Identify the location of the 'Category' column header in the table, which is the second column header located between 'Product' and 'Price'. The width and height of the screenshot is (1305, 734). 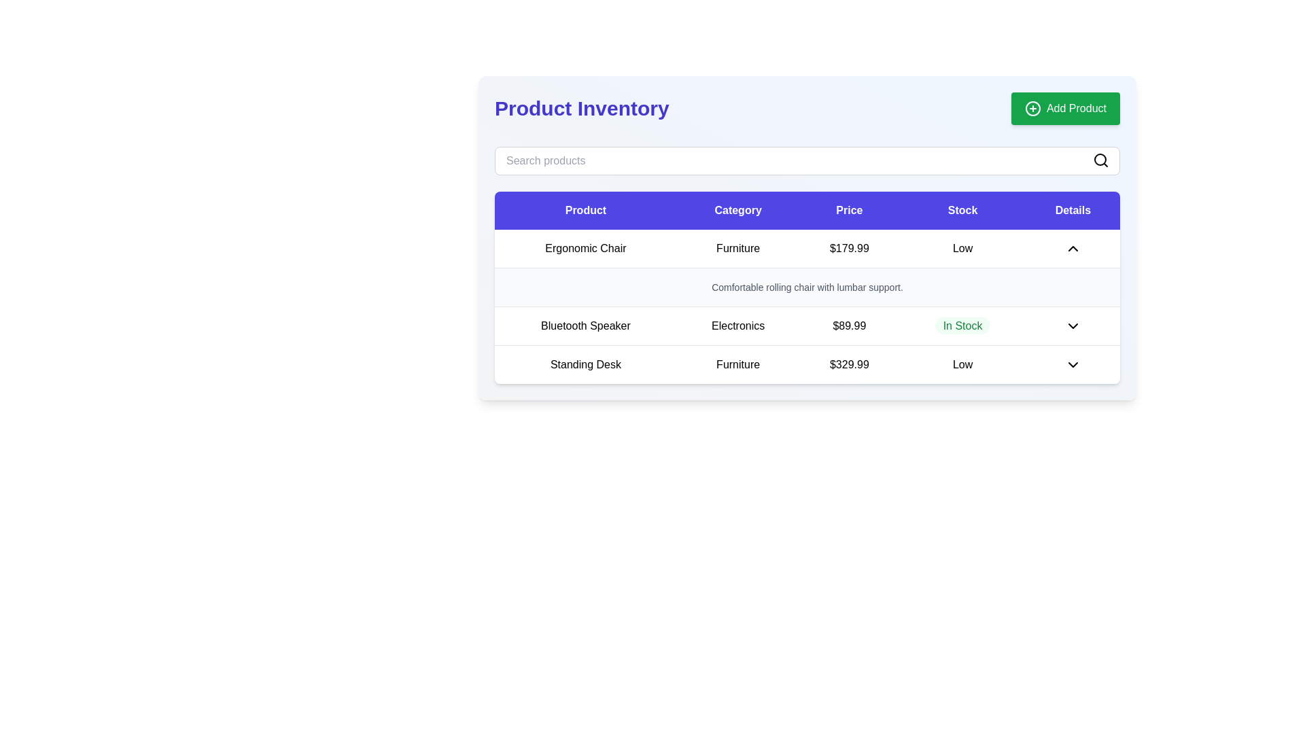
(737, 210).